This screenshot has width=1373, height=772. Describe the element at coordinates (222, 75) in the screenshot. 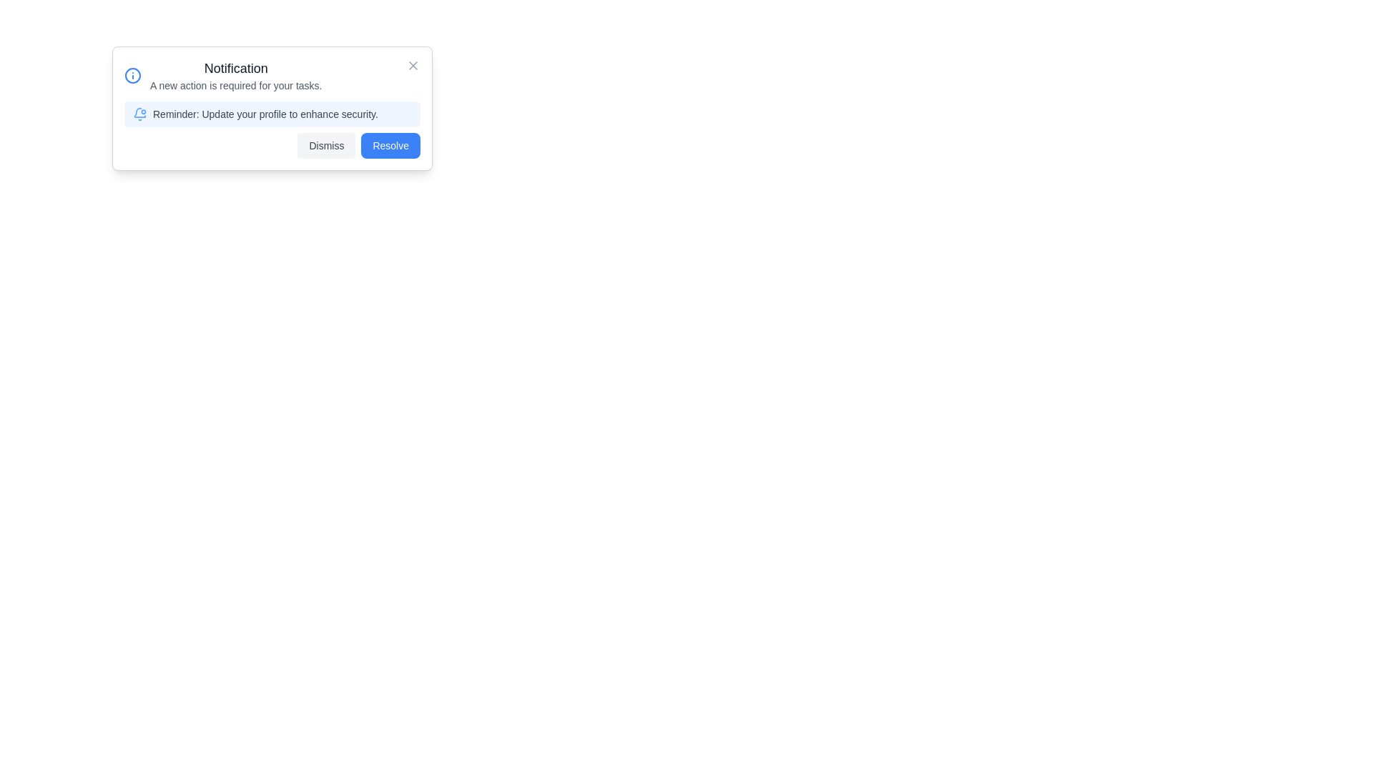

I see `notification content displayed in the informational card header, which includes a bold 'Notification' title and a message stating 'A new action is required for your tasks.'` at that location.